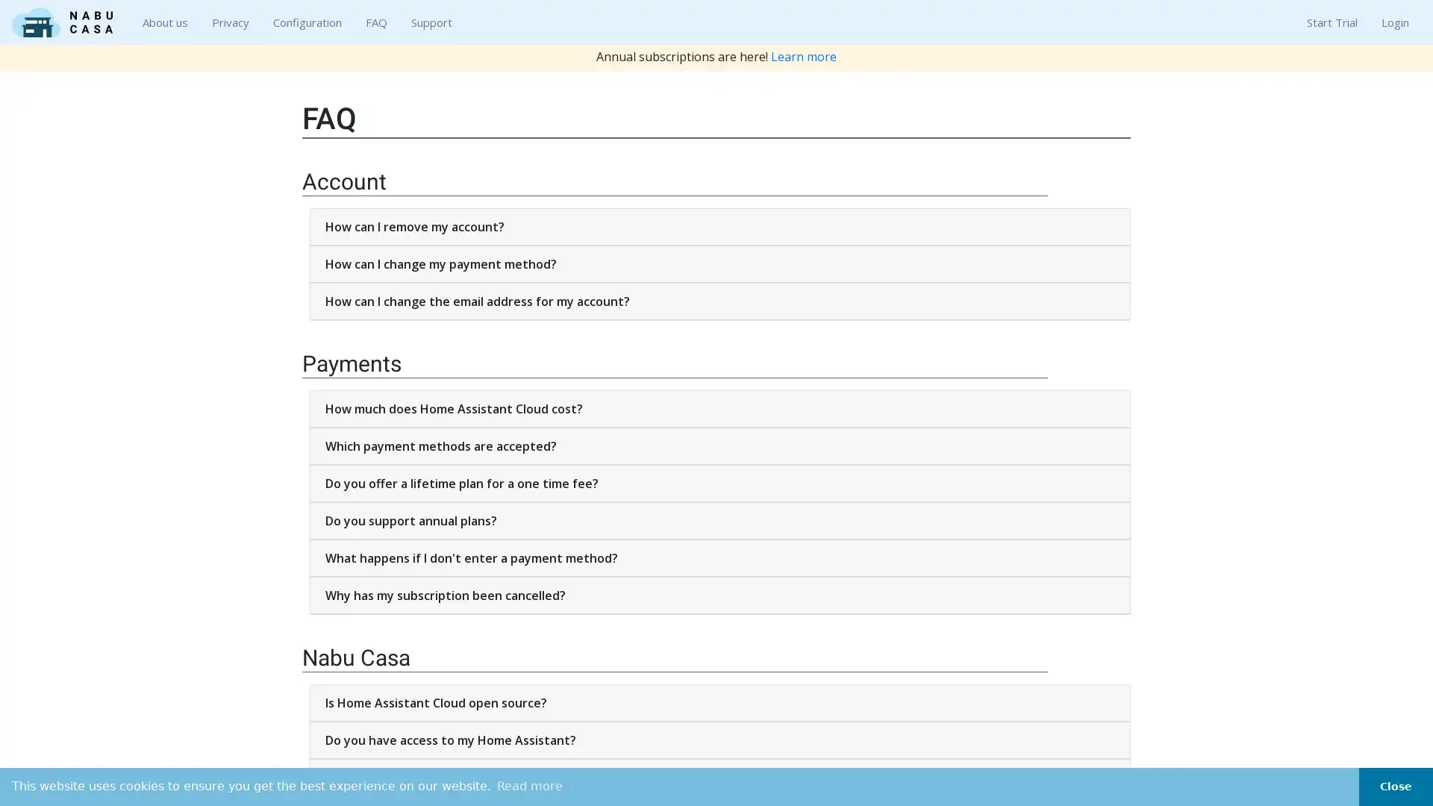 The width and height of the screenshot is (1433, 806). What do you see at coordinates (719, 263) in the screenshot?
I see `How can I change my payment method?` at bounding box center [719, 263].